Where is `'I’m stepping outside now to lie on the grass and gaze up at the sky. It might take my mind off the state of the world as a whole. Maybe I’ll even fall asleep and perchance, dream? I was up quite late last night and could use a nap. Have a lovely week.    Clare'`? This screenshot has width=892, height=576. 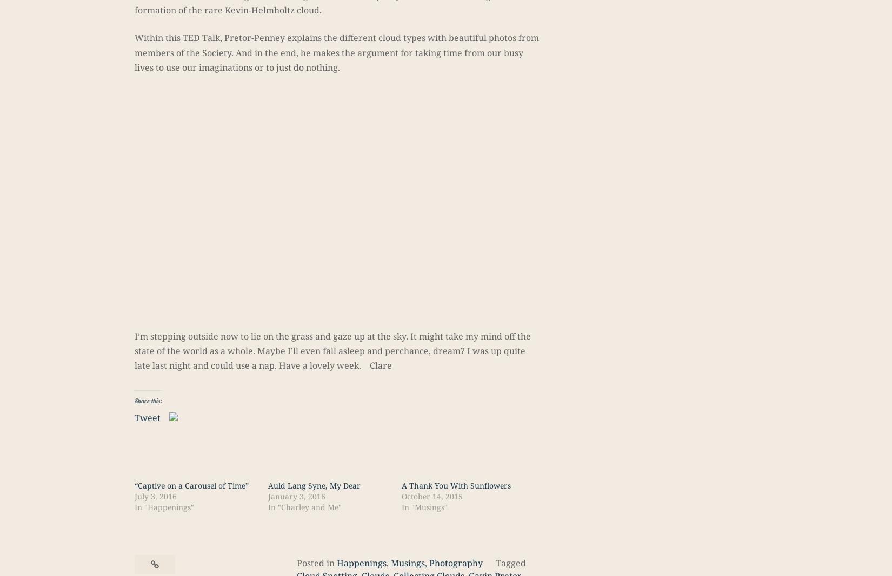 'I’m stepping outside now to lie on the grass and gaze up at the sky. It might take my mind off the state of the world as a whole. Maybe I’ll even fall asleep and perchance, dream? I was up quite late last night and could use a nap. Have a lovely week.    Clare' is located at coordinates (134, 350).